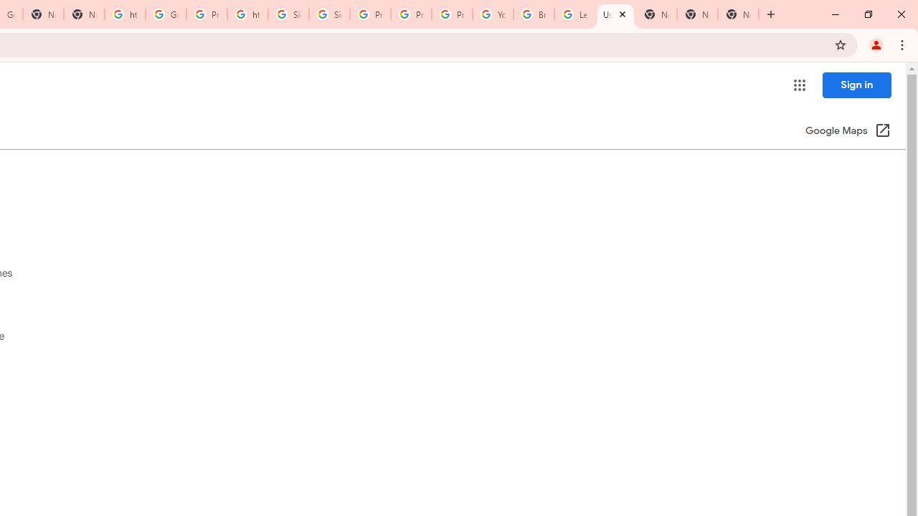 The width and height of the screenshot is (918, 516). What do you see at coordinates (697, 14) in the screenshot?
I see `'New Tab'` at bounding box center [697, 14].